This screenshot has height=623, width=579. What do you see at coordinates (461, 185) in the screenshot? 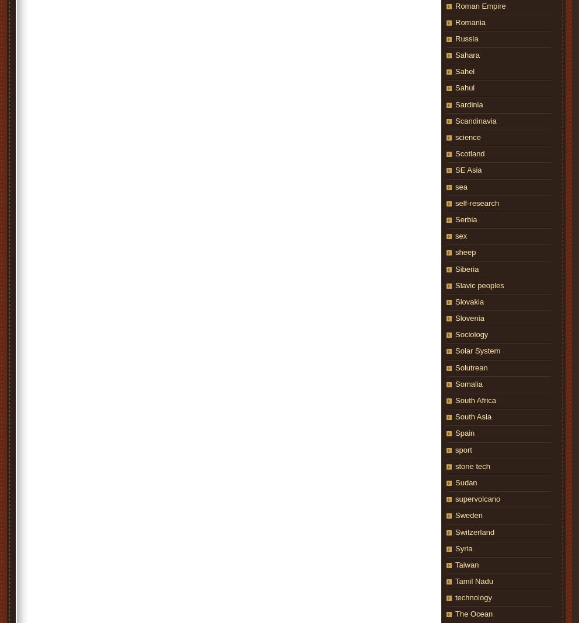
I see `'sea'` at bounding box center [461, 185].